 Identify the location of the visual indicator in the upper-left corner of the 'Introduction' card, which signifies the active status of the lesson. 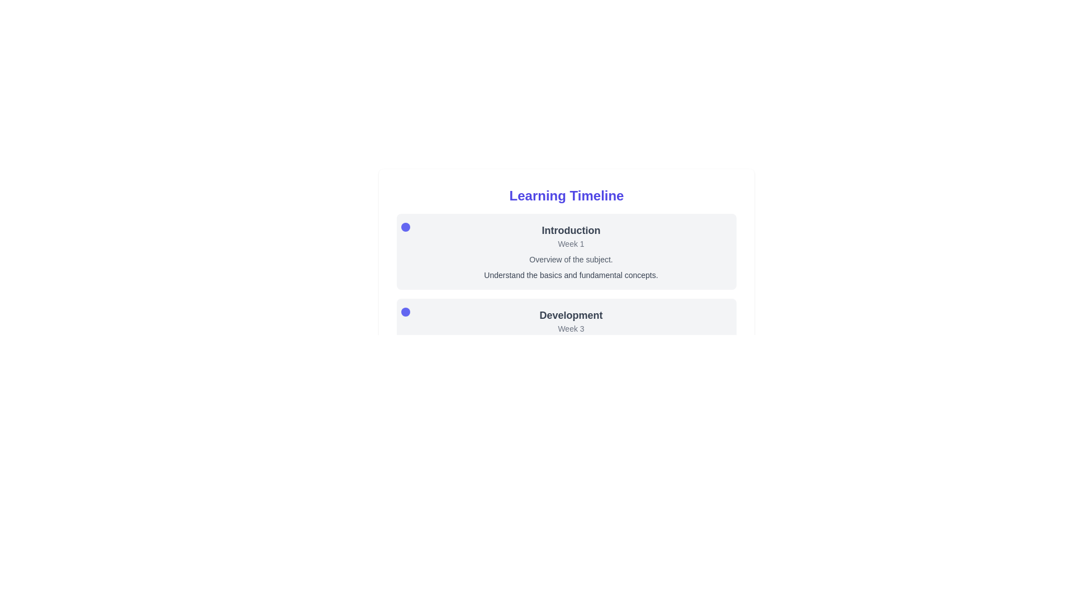
(405, 227).